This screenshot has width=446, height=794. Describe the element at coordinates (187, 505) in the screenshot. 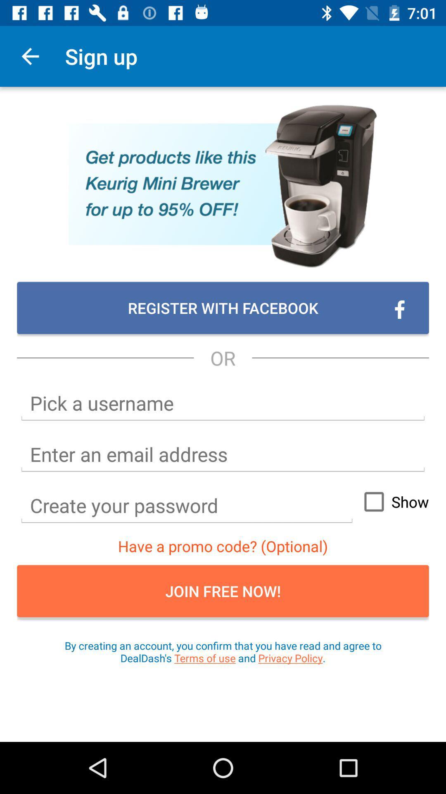

I see `password info` at that location.